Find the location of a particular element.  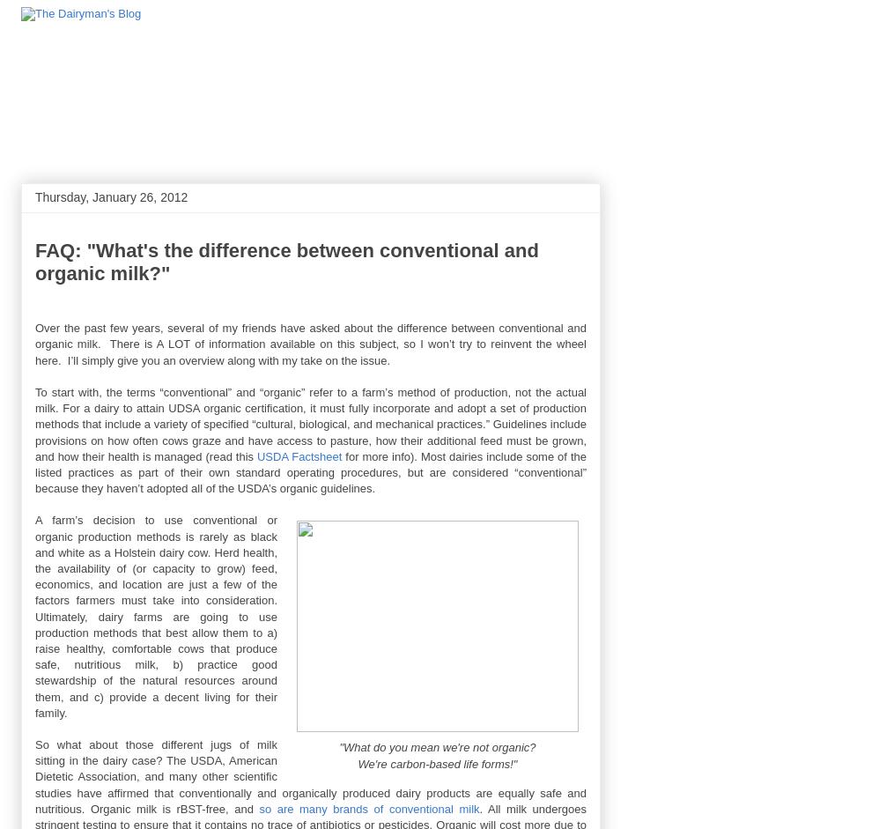

'Thursday, January 26, 2012' is located at coordinates (111, 196).